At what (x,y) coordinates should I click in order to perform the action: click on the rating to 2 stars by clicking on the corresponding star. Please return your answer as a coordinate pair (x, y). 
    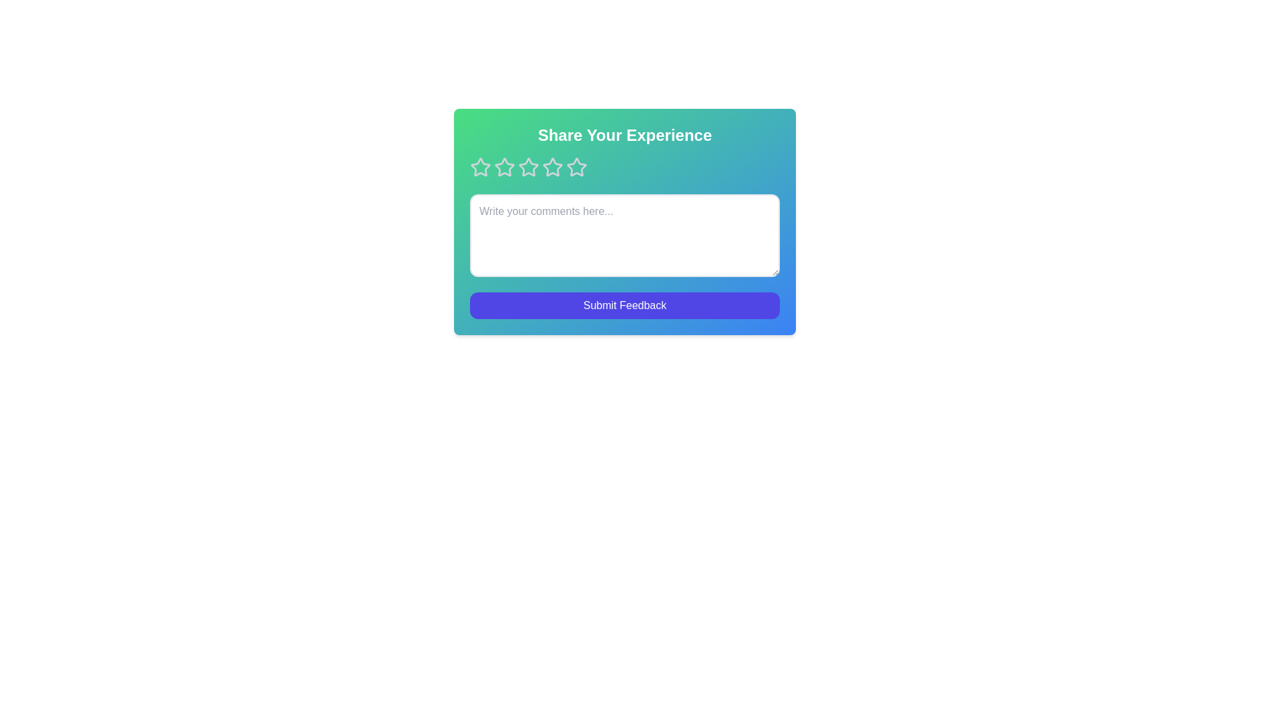
    Looking at the image, I should click on (503, 166).